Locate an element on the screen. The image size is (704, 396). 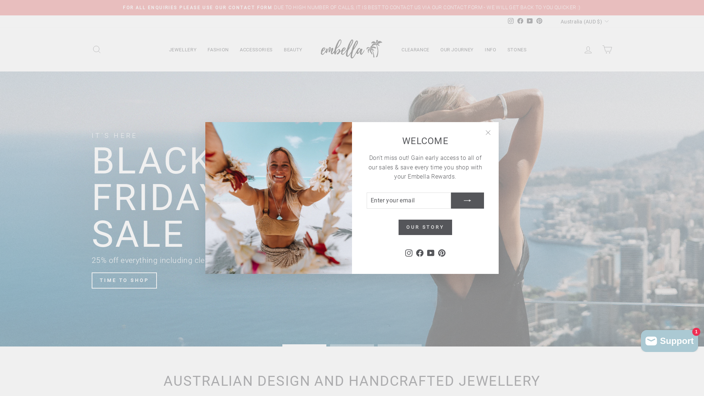
'CLEARANCE' is located at coordinates (415, 49).